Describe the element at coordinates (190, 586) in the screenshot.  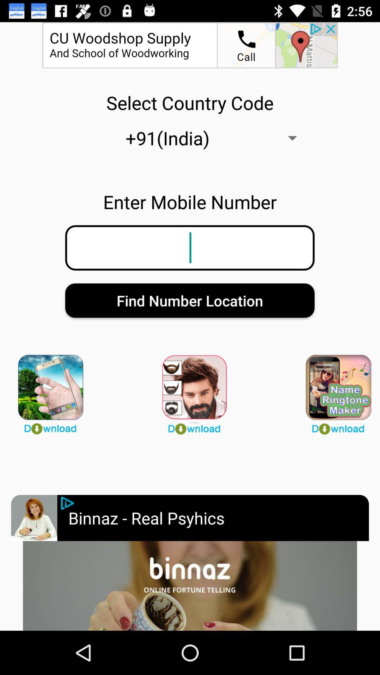
I see `open advertisement` at that location.